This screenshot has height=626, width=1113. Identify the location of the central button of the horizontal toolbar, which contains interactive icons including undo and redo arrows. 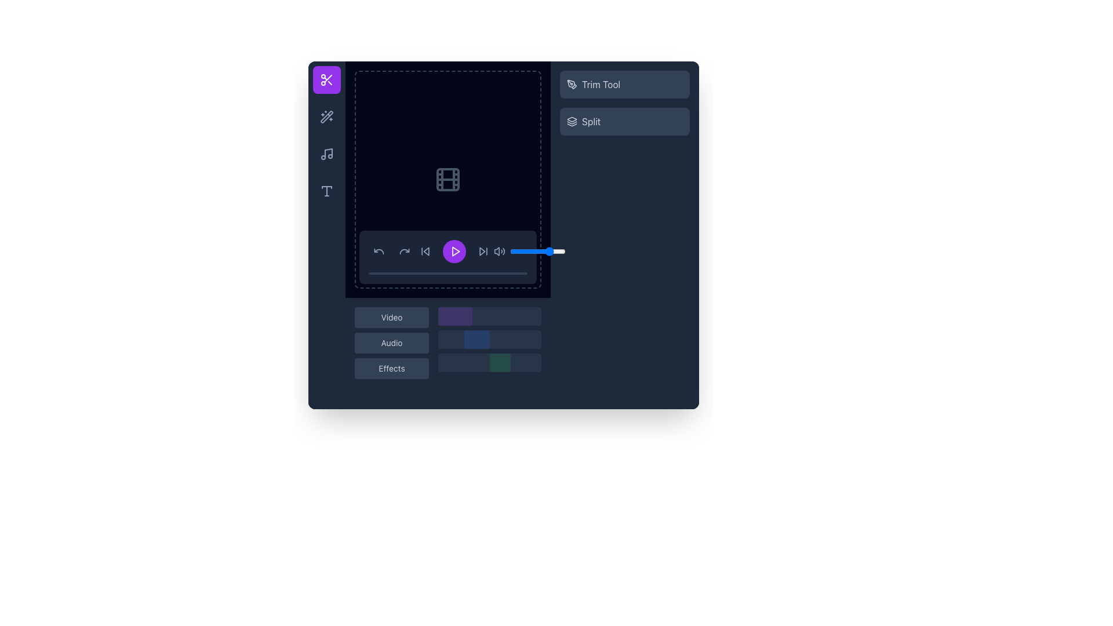
(392, 251).